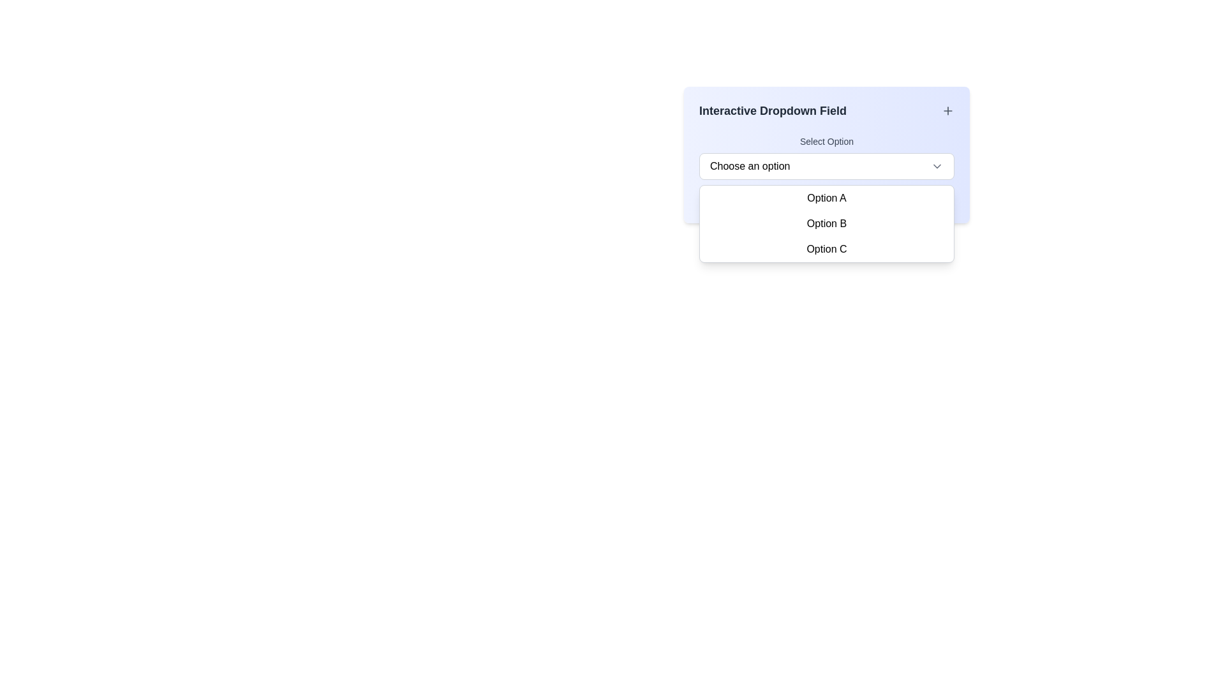  I want to click on the dropdown menu button styled with a white background, gray border, and rounded corners, so click(827, 166).